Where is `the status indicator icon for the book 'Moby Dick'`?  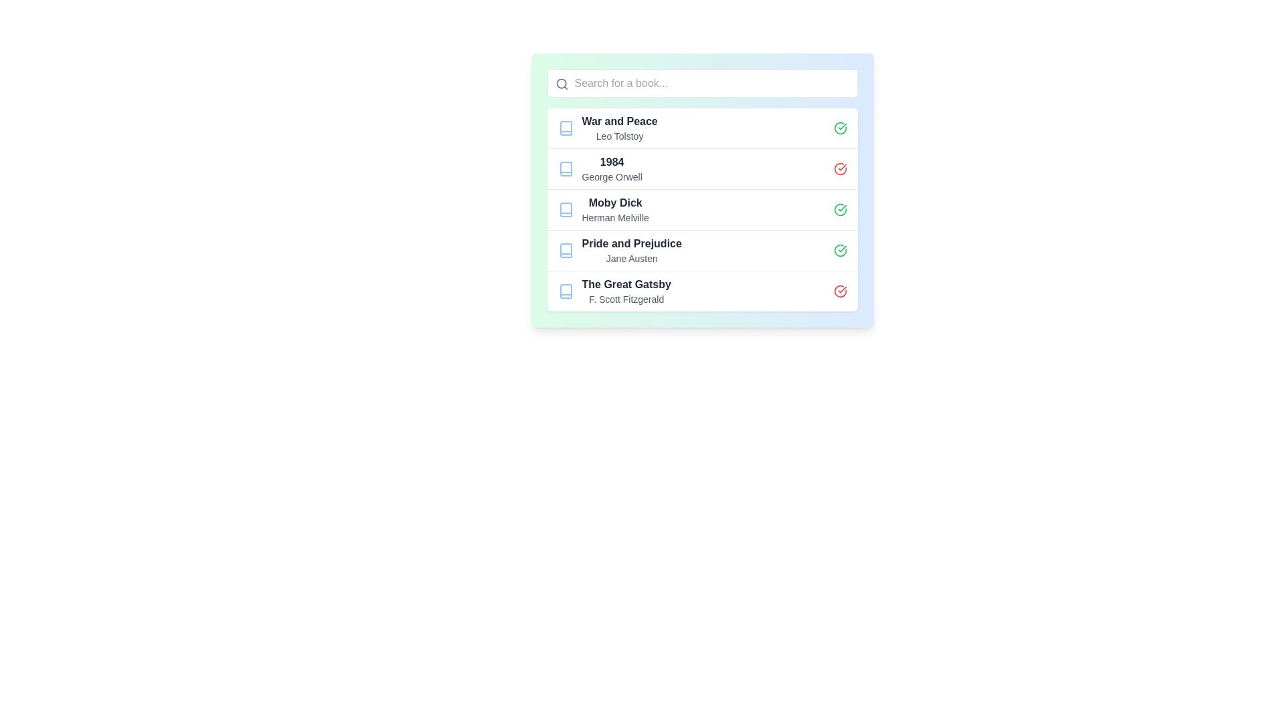
the status indicator icon for the book 'Moby Dick' is located at coordinates (839, 209).